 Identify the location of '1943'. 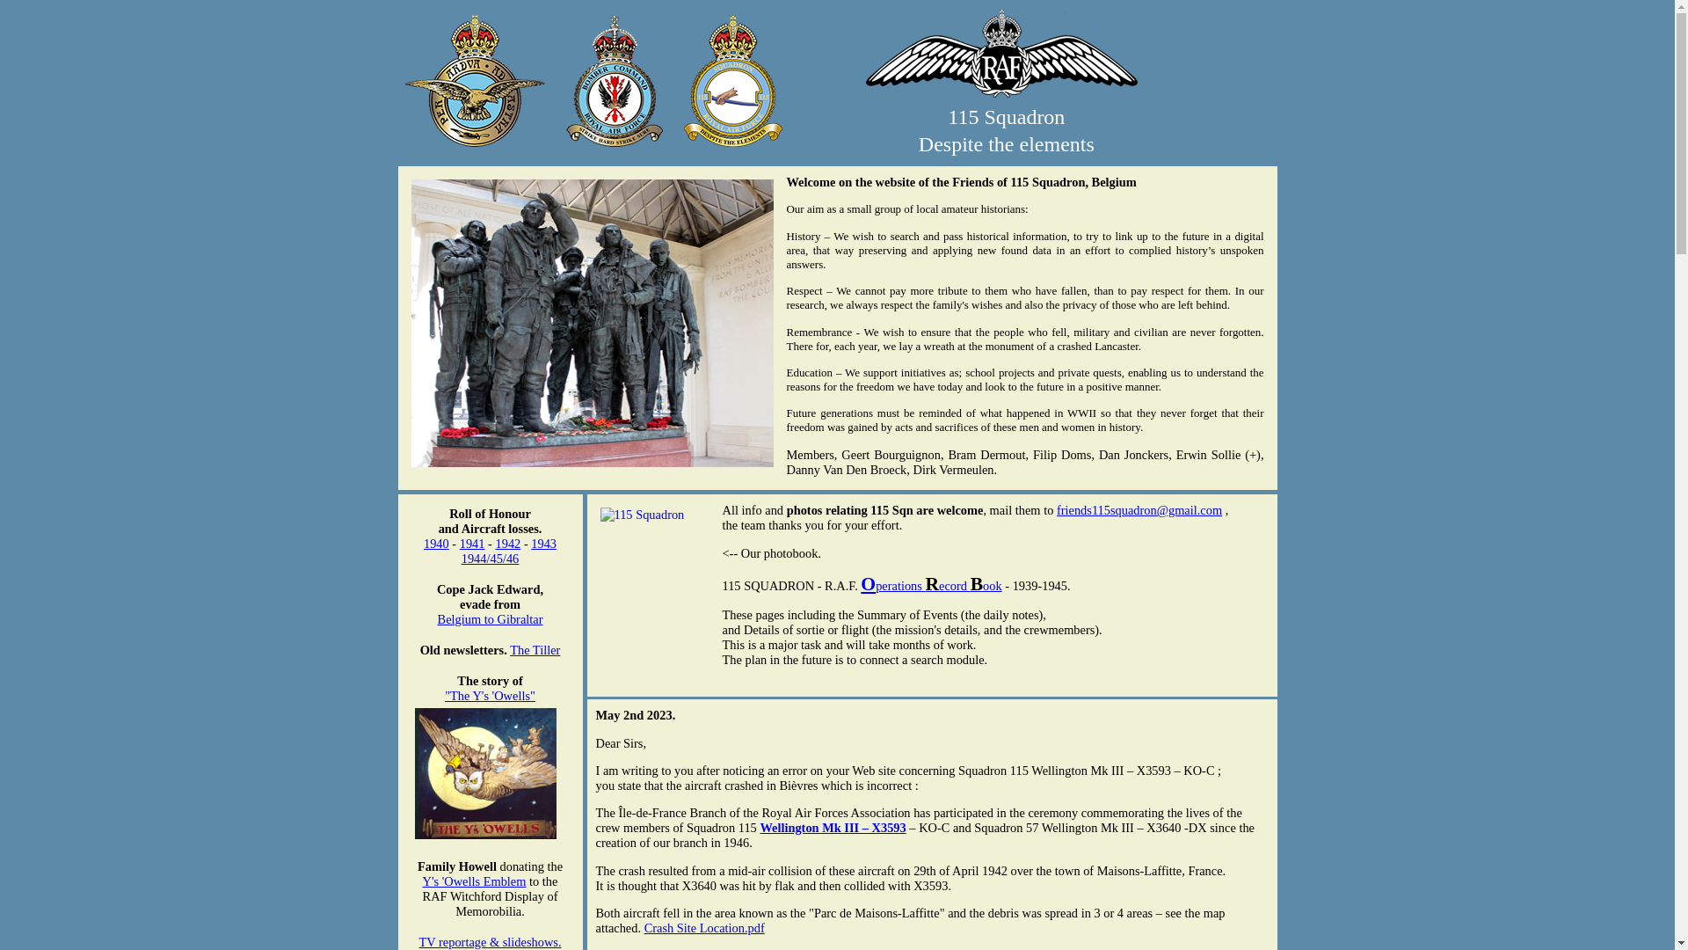
(542, 542).